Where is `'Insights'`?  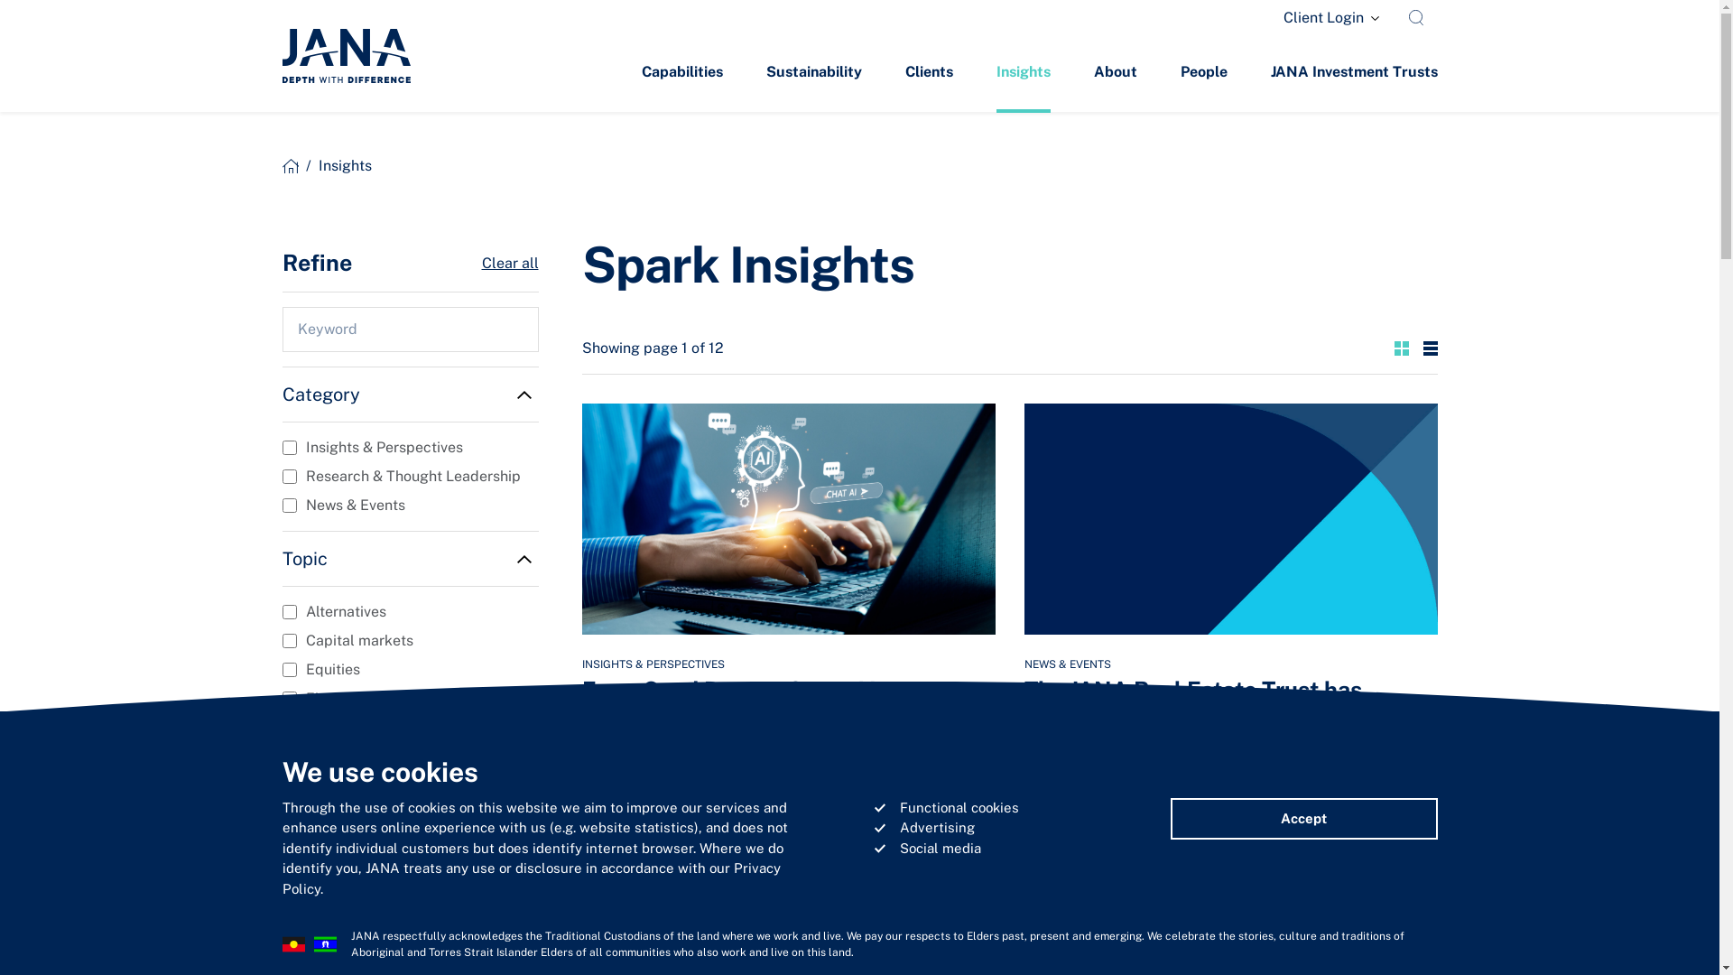
'Insights' is located at coordinates (1023, 72).